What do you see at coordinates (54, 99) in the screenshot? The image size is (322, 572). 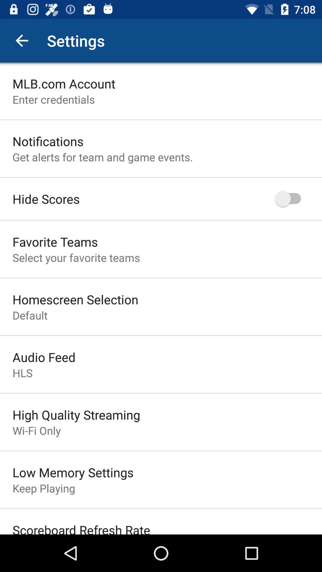 I see `the enter credentials icon` at bounding box center [54, 99].